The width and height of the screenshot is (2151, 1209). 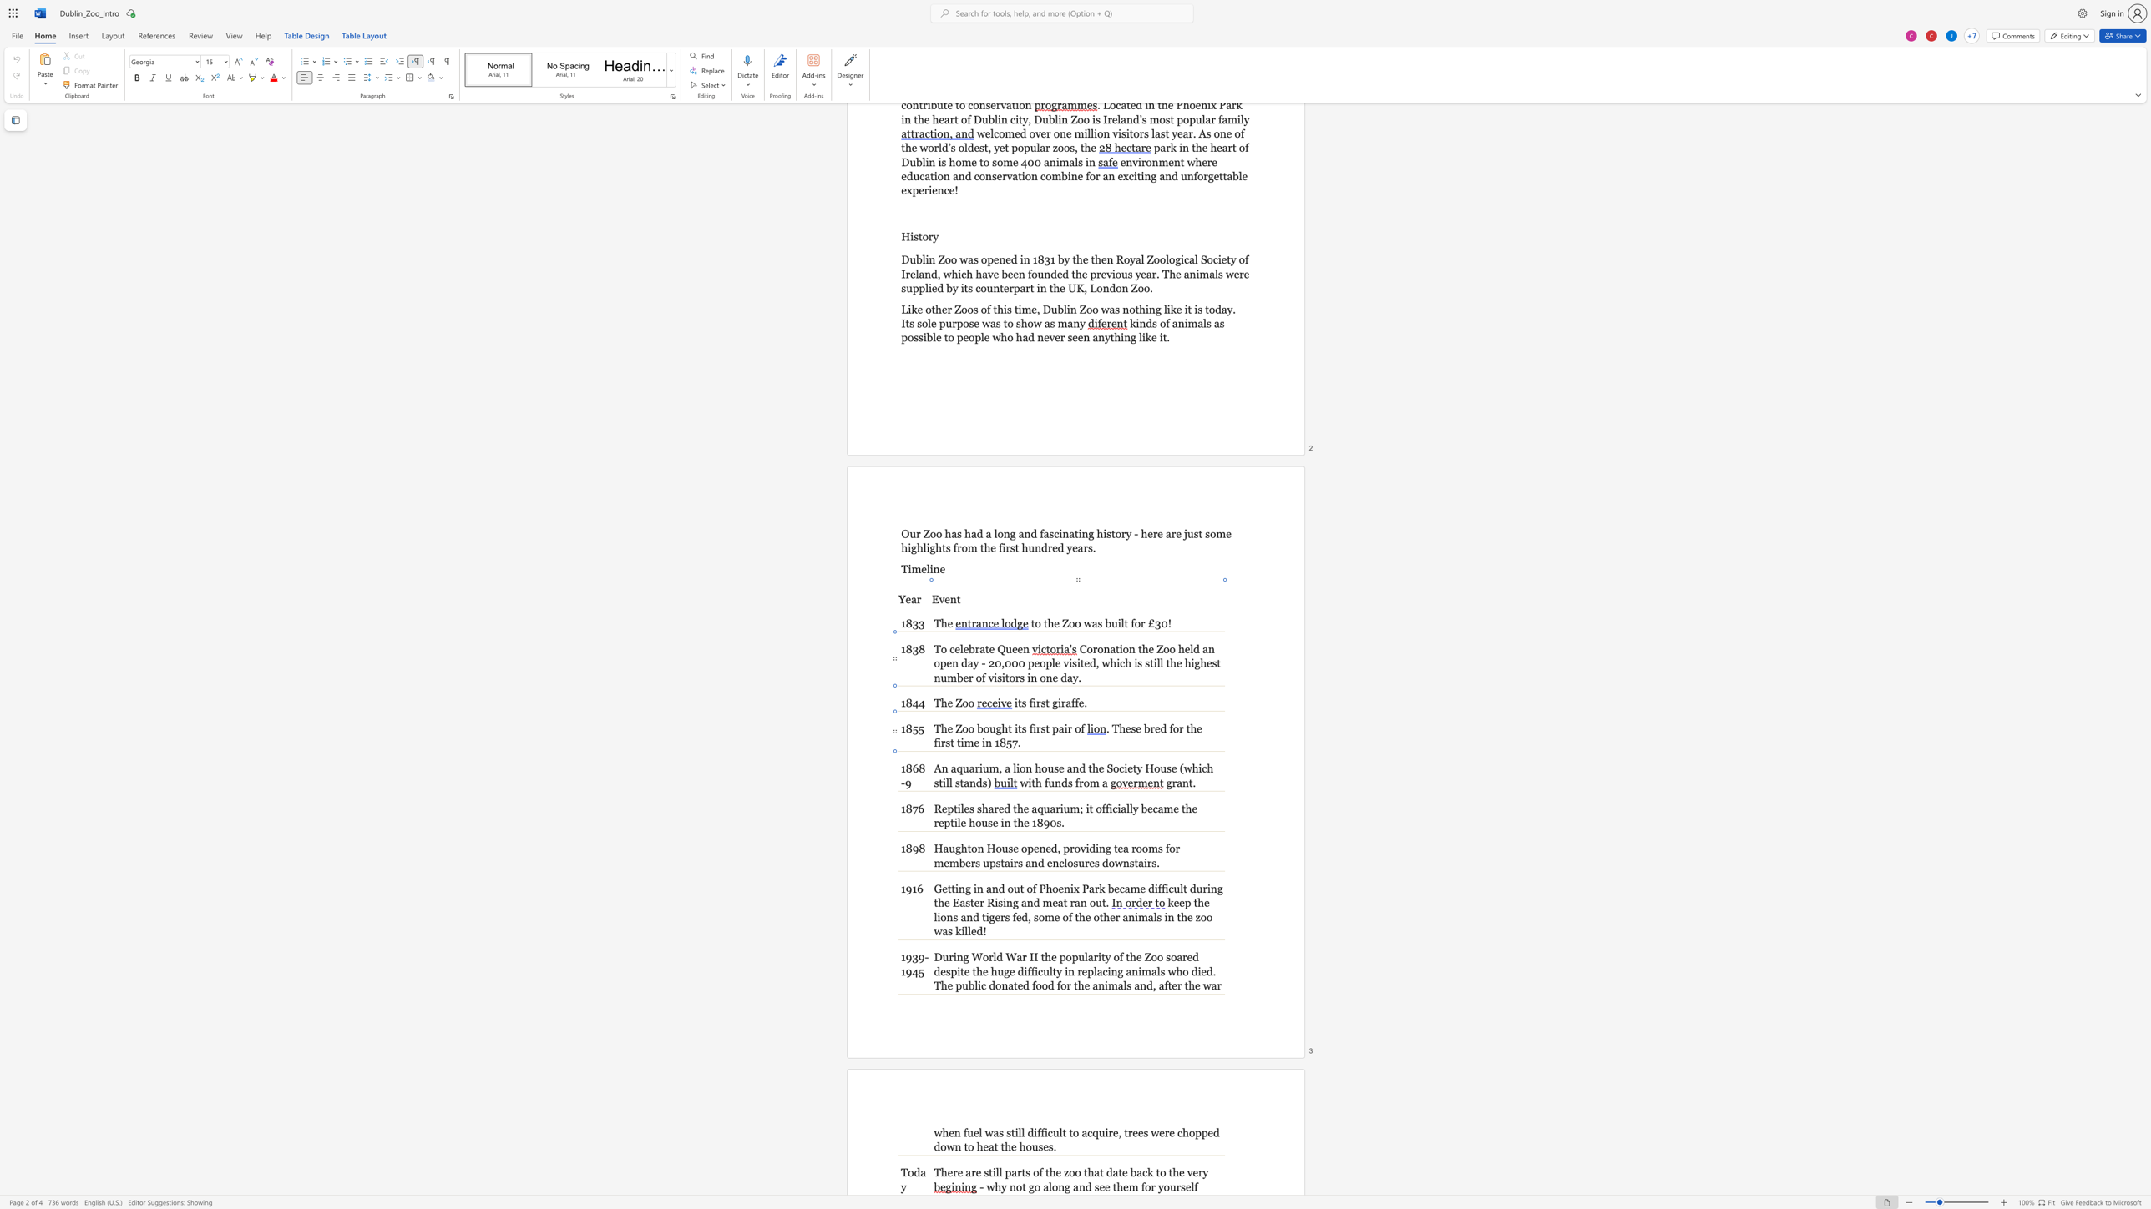 What do you see at coordinates (973, 768) in the screenshot?
I see `the space between the continuous character "a" and "r" in the text` at bounding box center [973, 768].